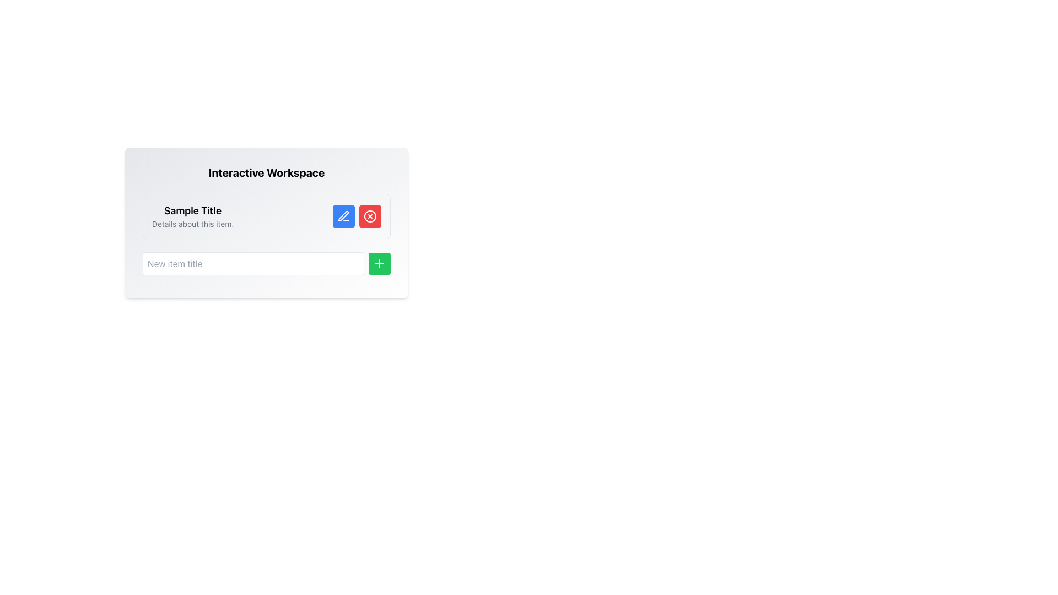 Image resolution: width=1058 pixels, height=595 pixels. I want to click on the minimalistic pen icon located to the right of 'Sample Title' in the header area, so click(343, 216).